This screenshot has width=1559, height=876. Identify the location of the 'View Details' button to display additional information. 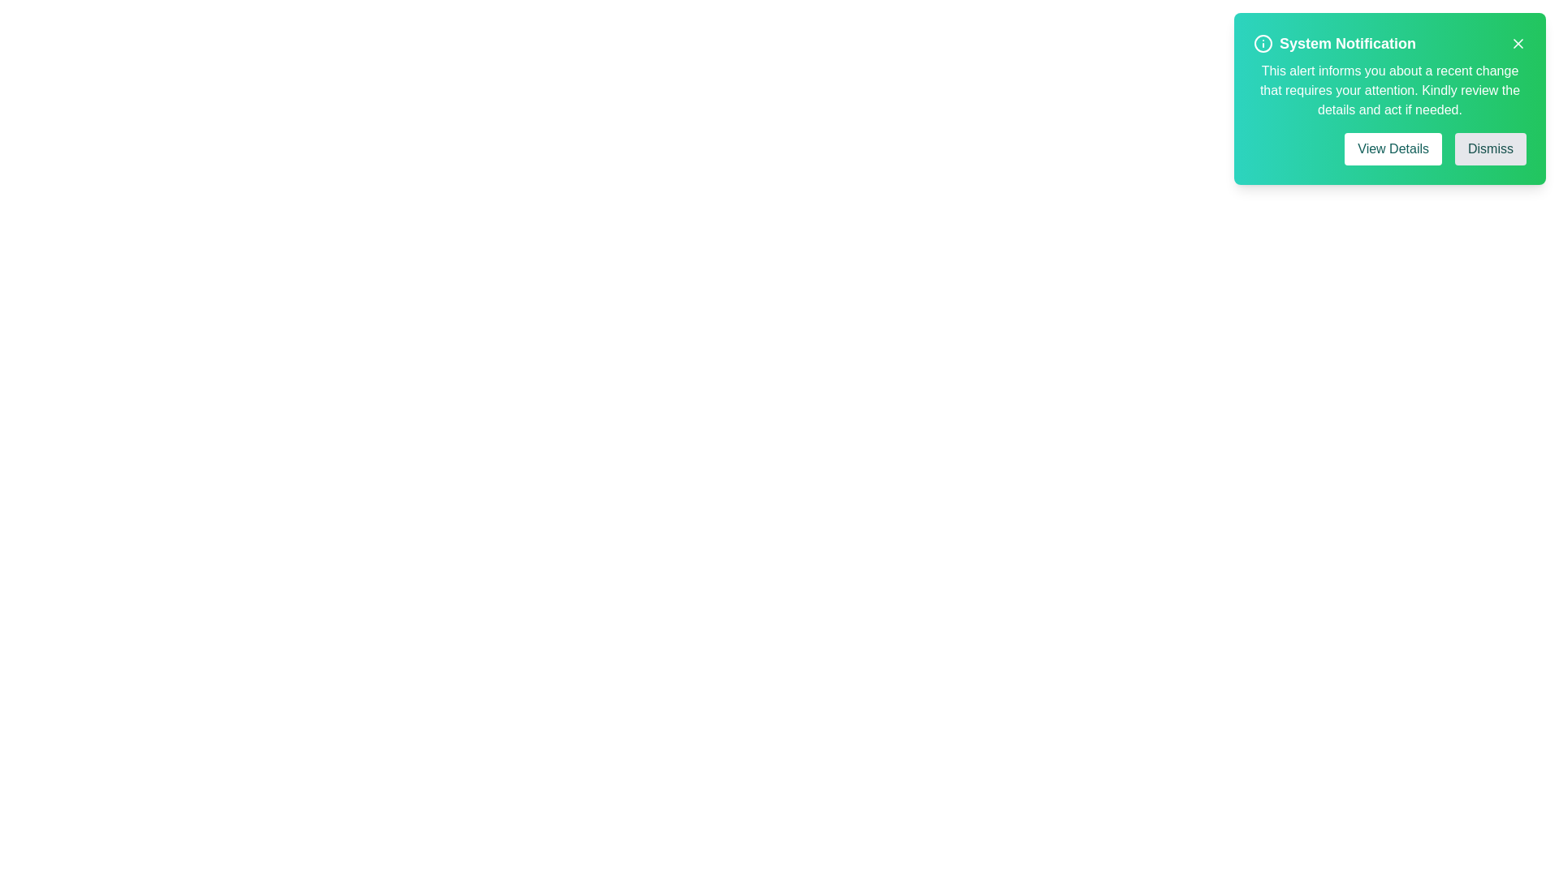
(1393, 149).